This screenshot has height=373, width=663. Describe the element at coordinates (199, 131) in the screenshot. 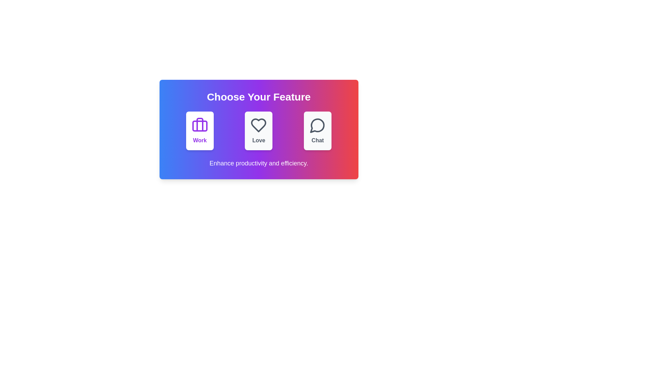

I see `the button labeled Work to select the corresponding feature` at that location.